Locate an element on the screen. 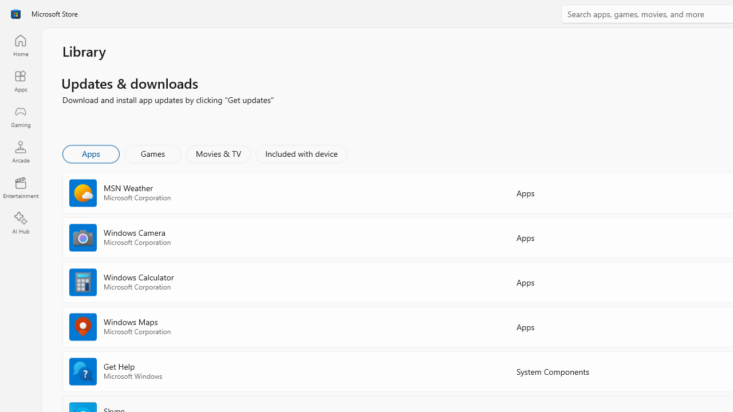  'Entertainment' is located at coordinates (20, 187).